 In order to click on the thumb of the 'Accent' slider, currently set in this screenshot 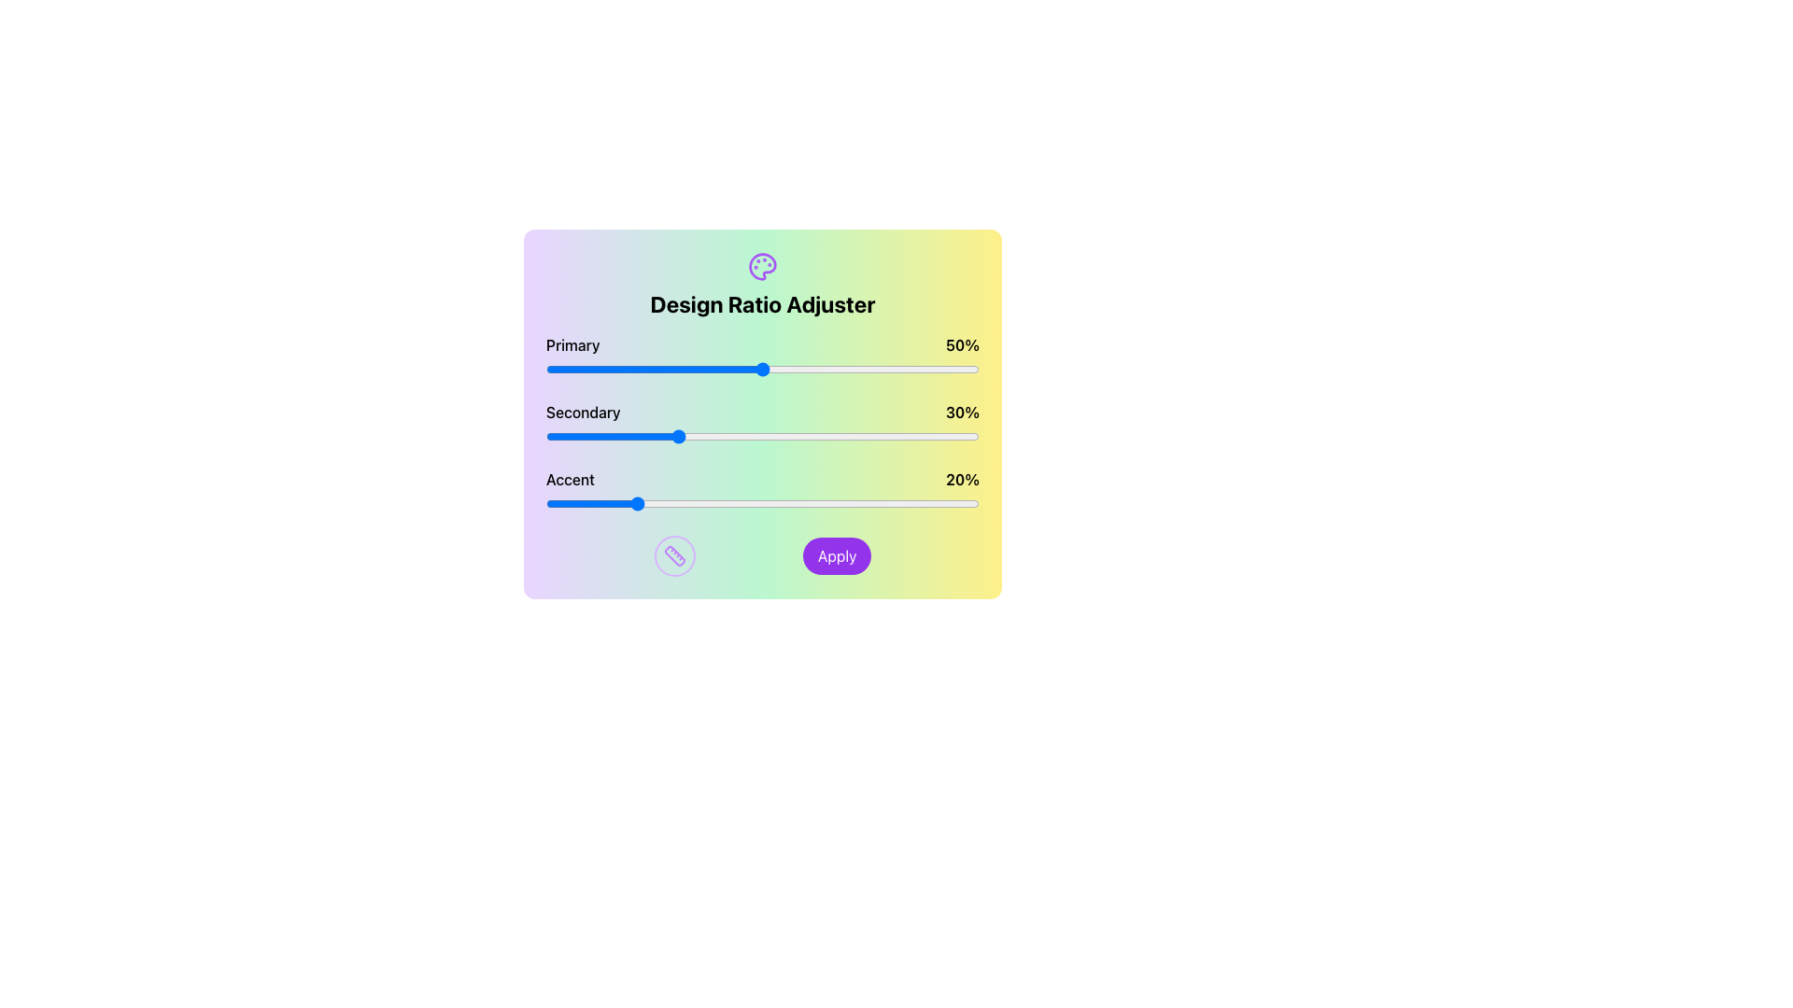, I will do `click(762, 504)`.